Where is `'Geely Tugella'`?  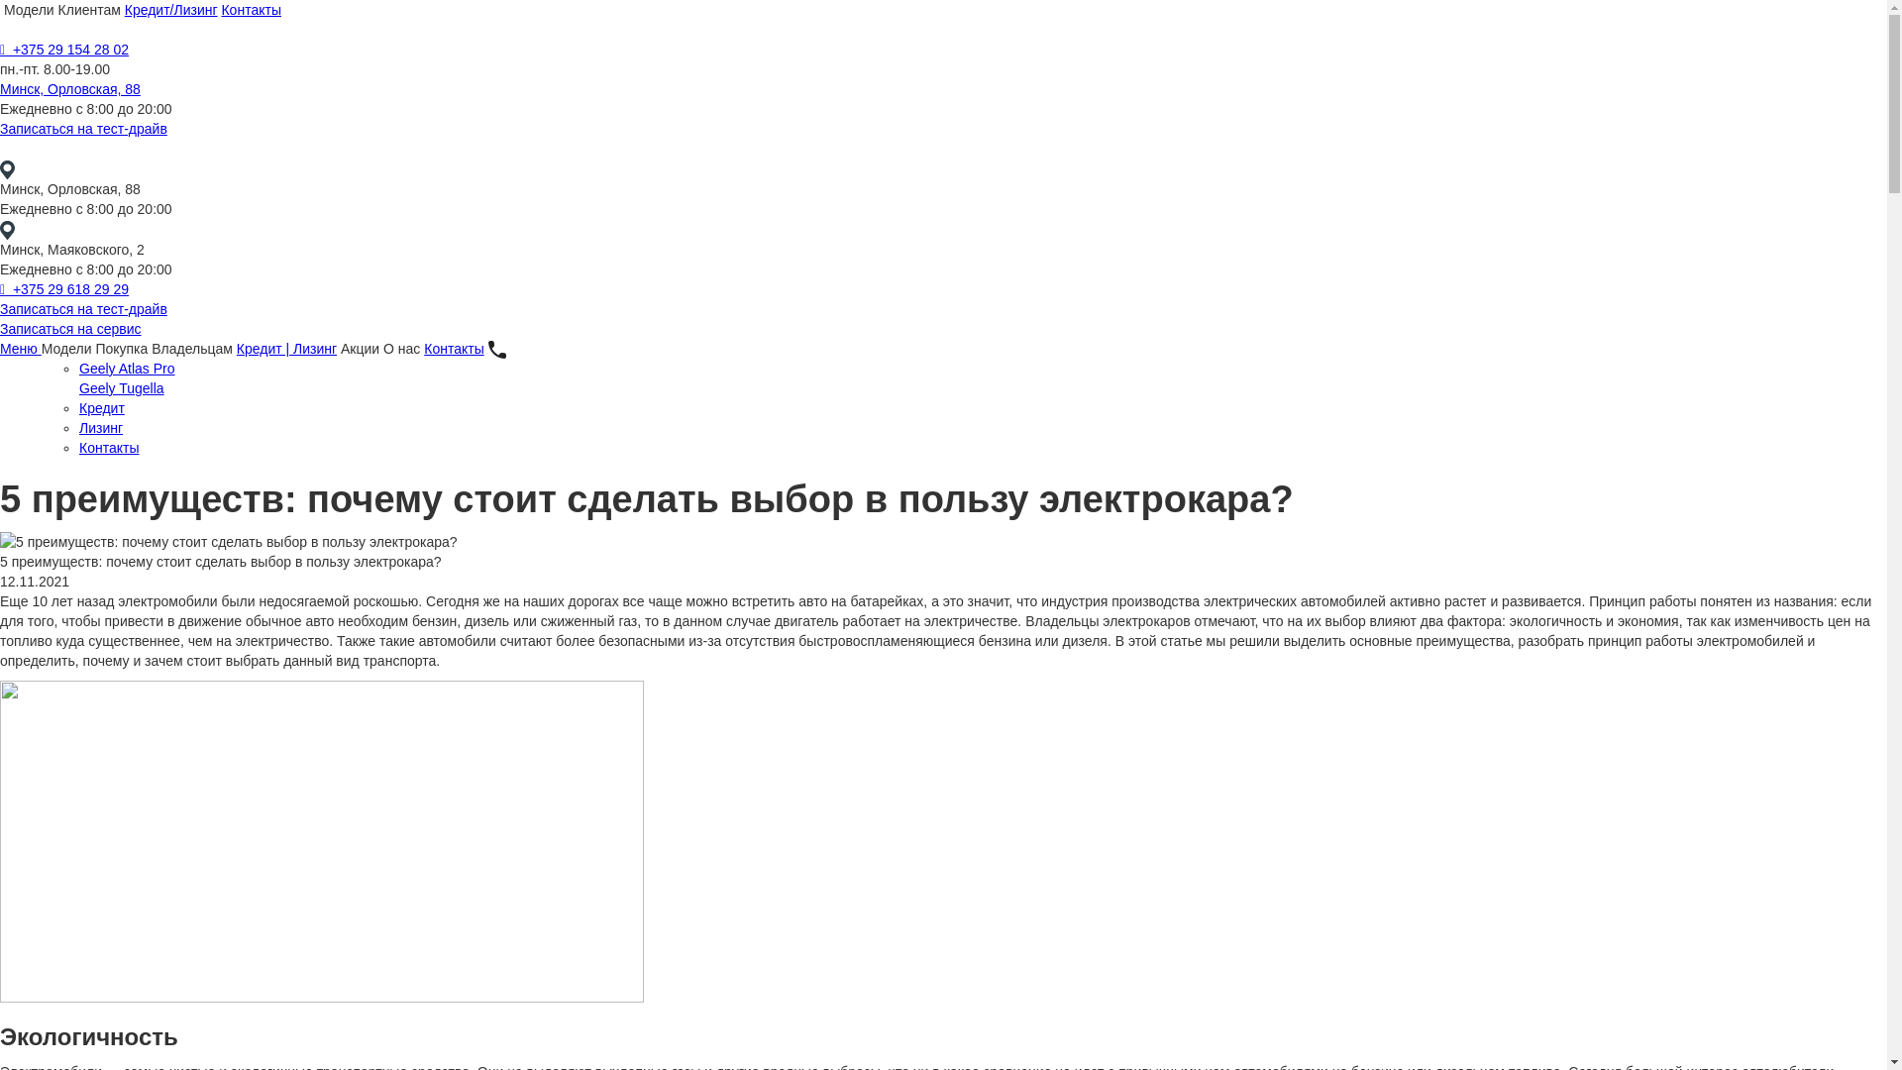
'Geely Tugella' is located at coordinates (121, 388).